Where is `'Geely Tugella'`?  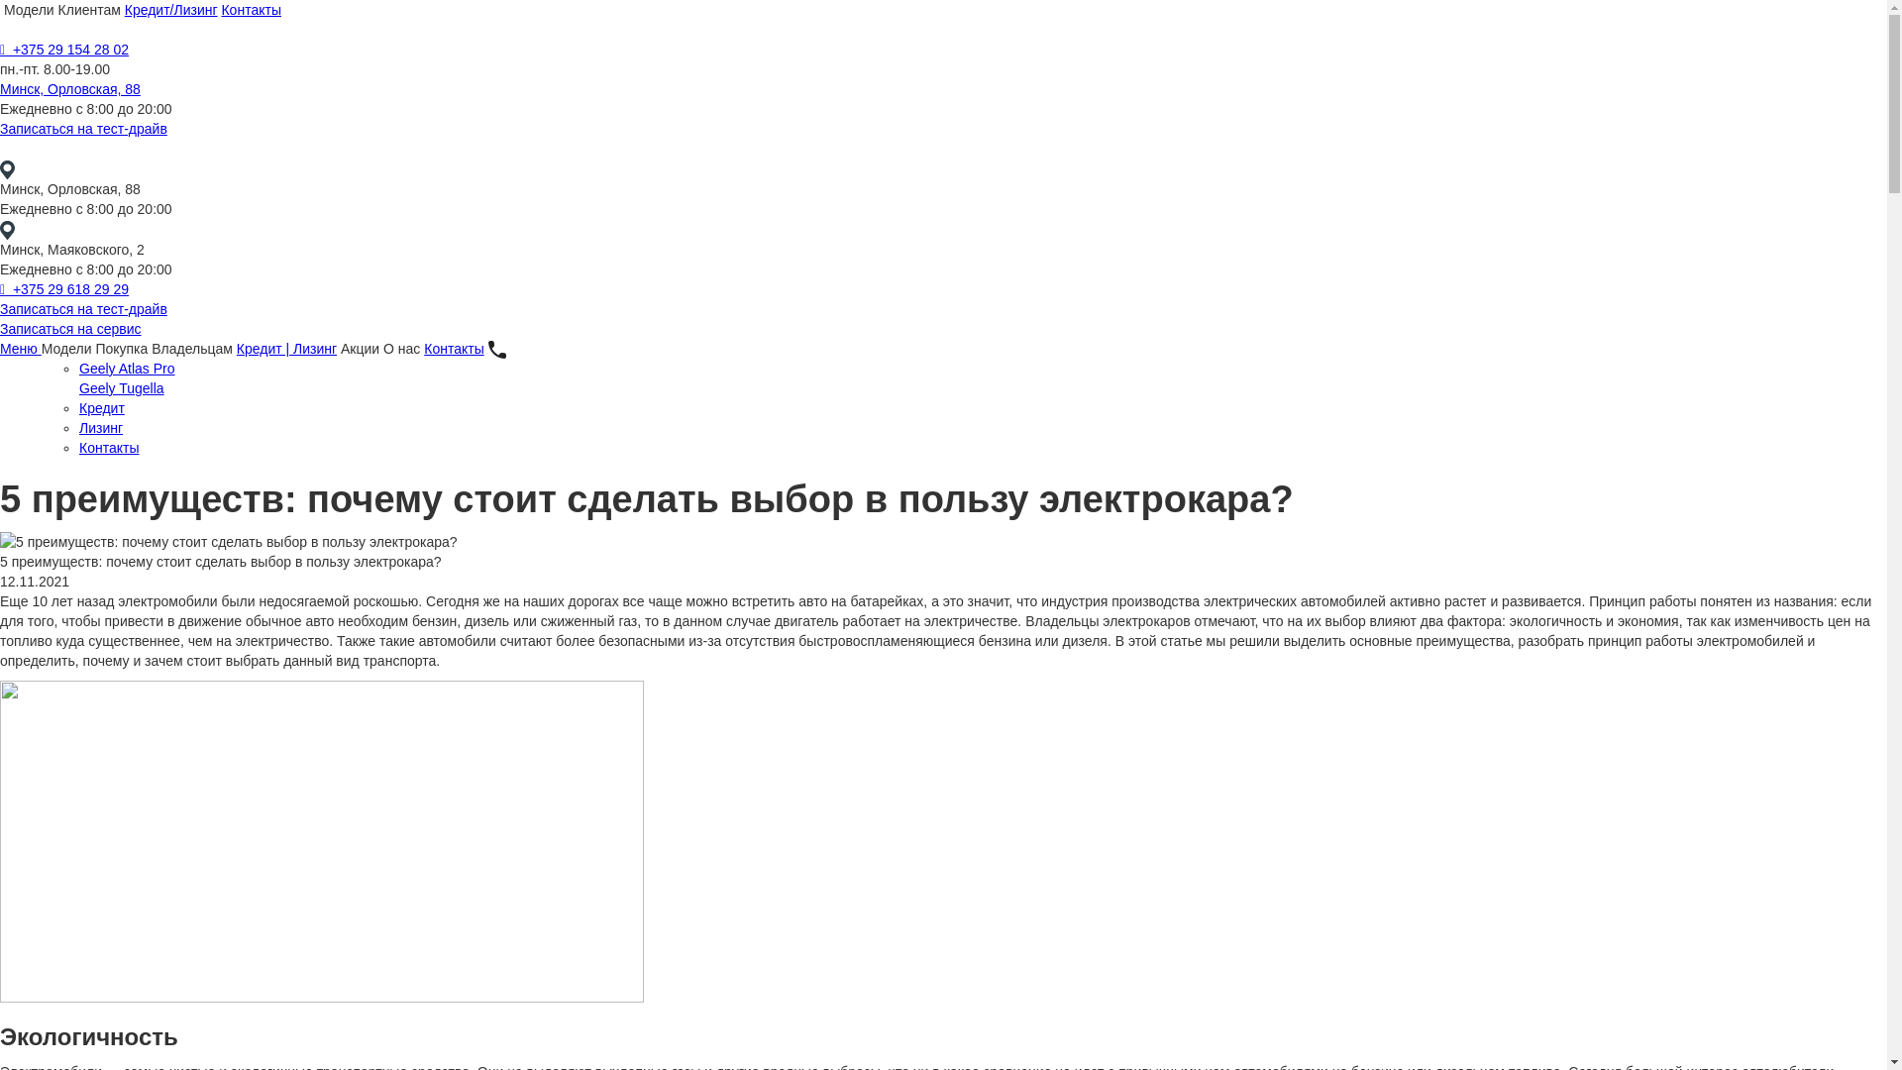
'Geely Tugella' is located at coordinates (121, 388).